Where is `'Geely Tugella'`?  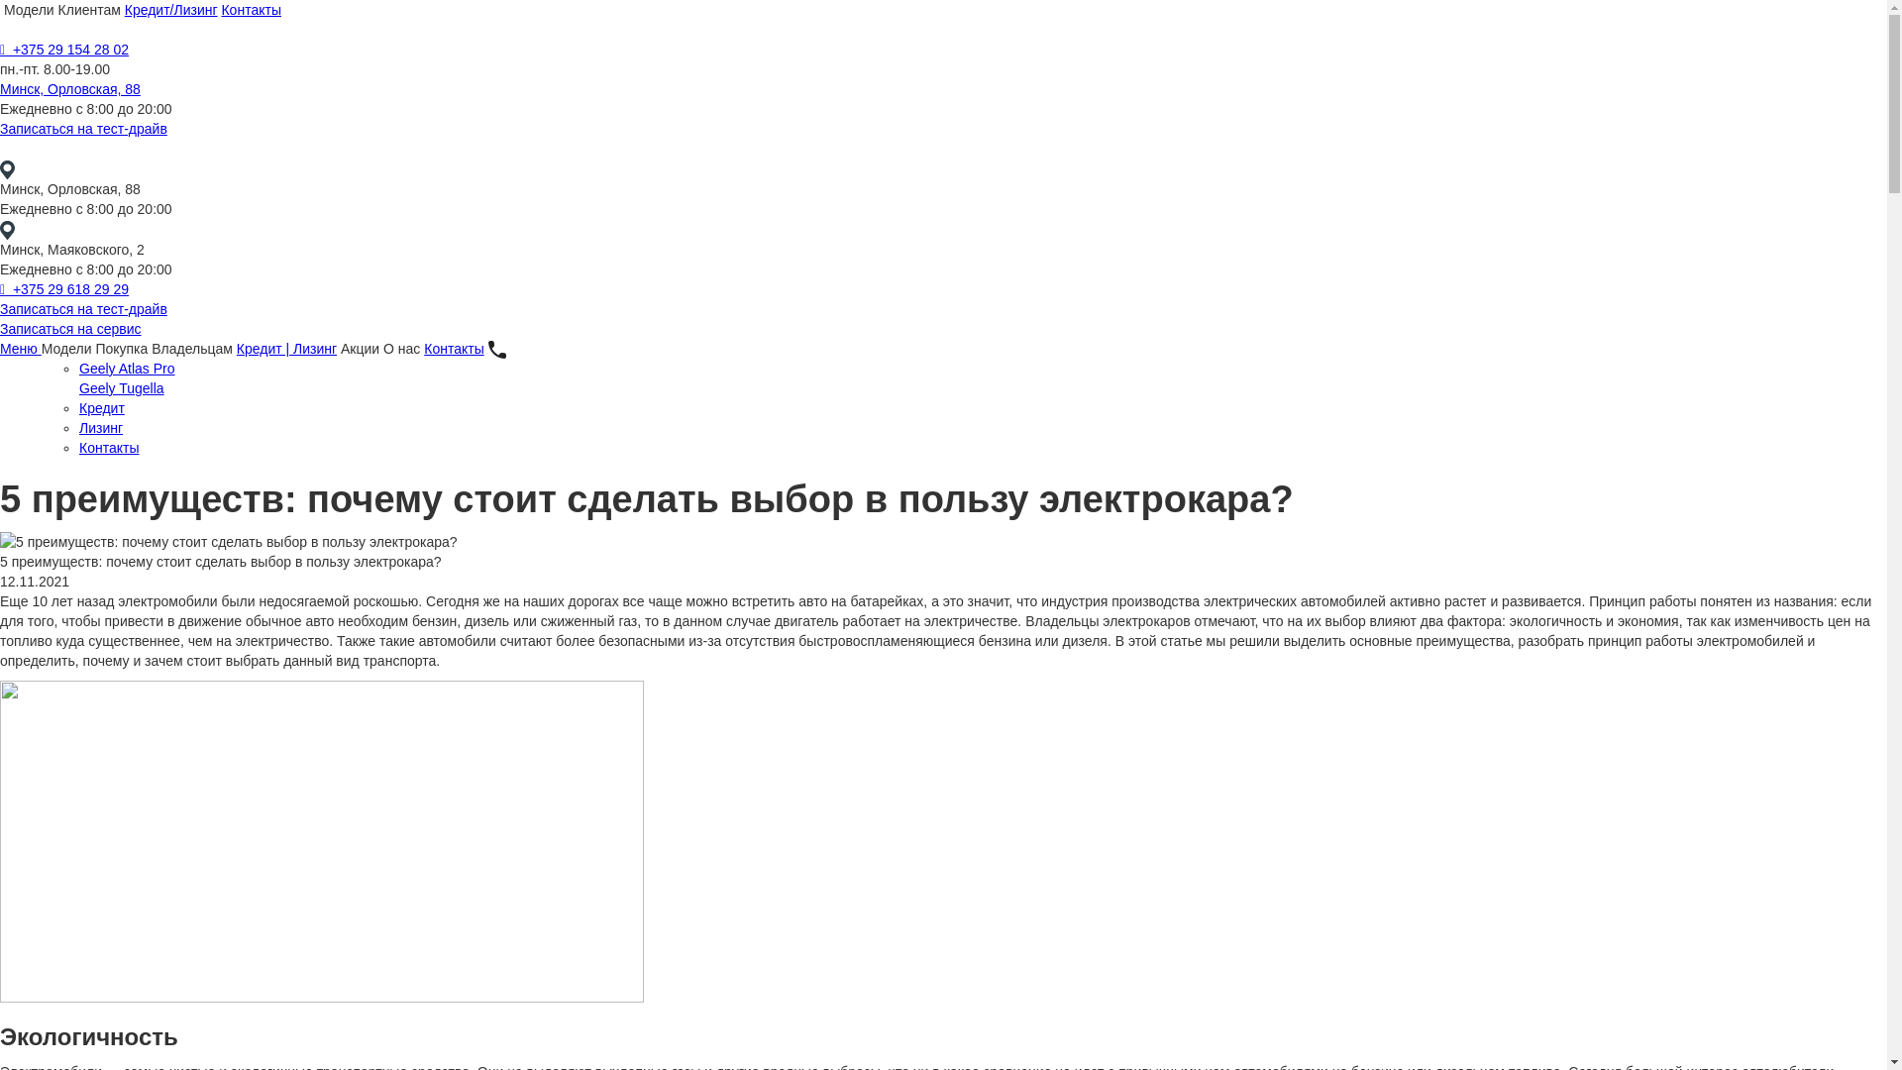
'Geely Tugella' is located at coordinates (121, 388).